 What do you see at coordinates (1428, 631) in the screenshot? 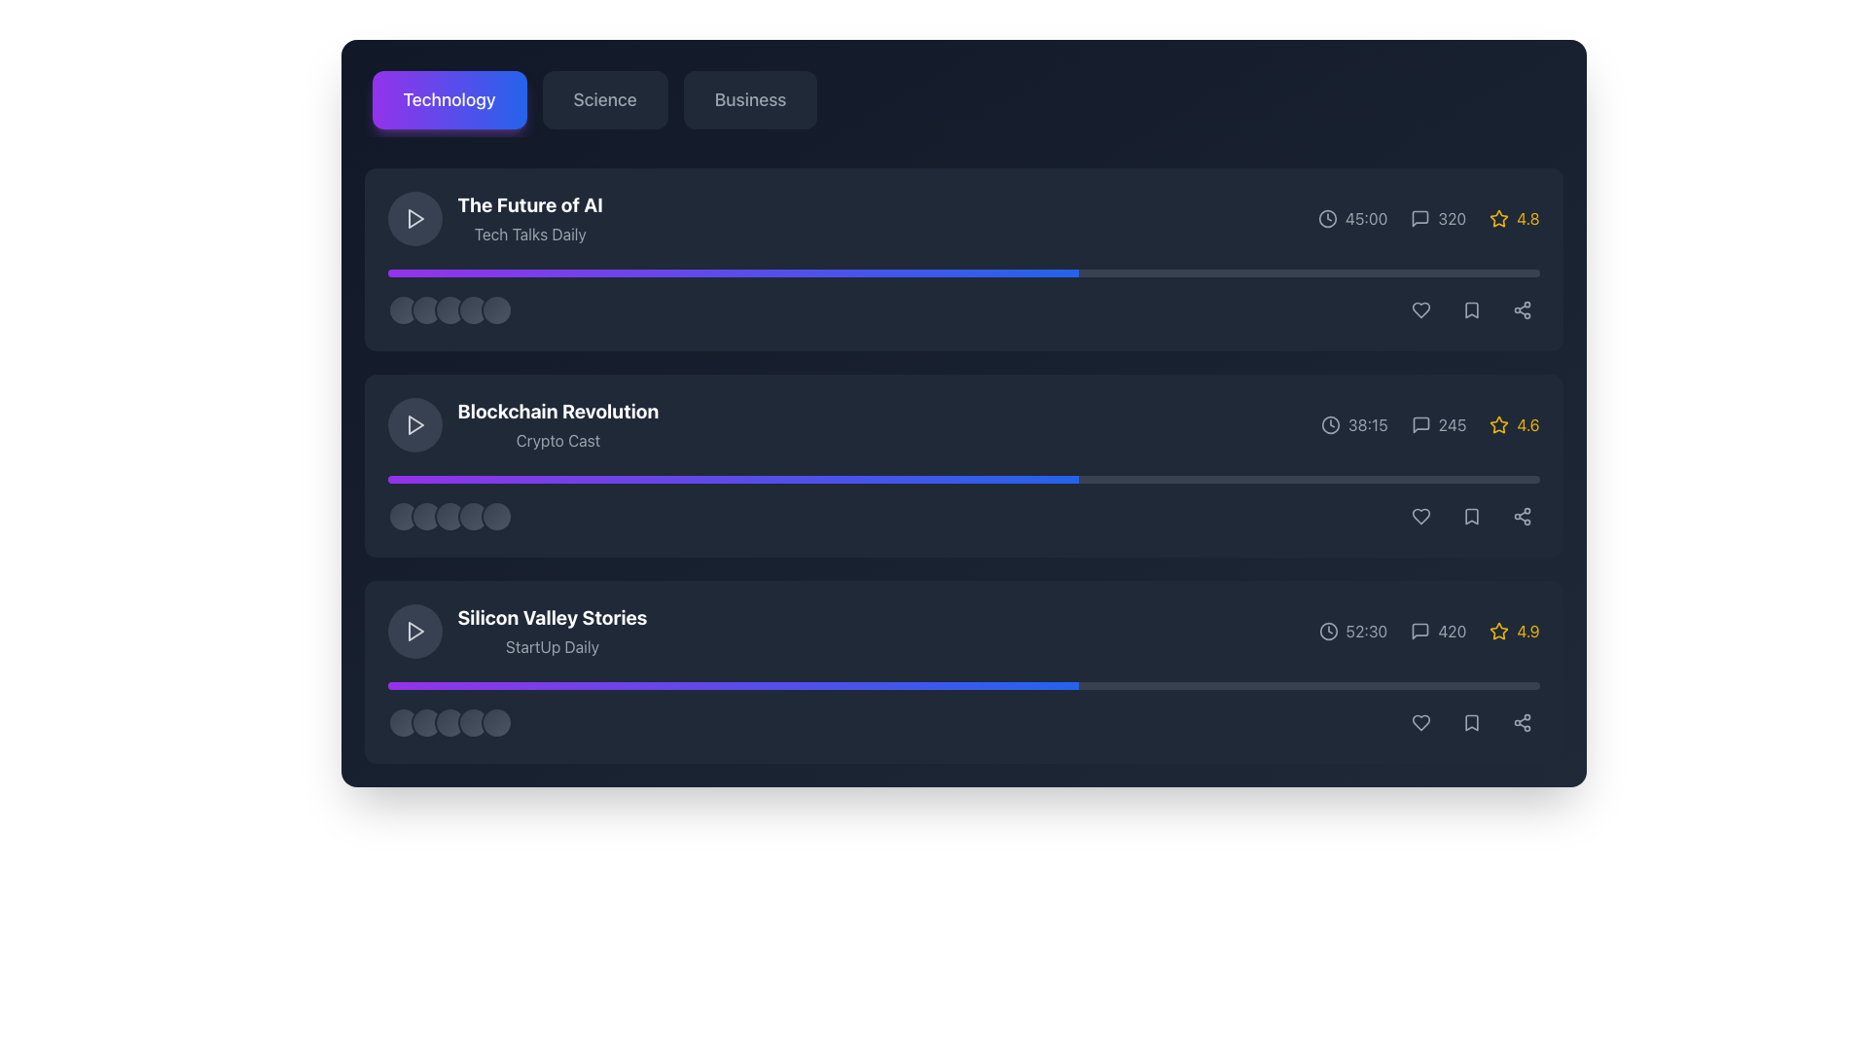
I see `the Information Display Block located in the 'Silicon Valley Stories' section of the Technology category to interact with the individual icons for metadata such as duration, comments, and rating` at bounding box center [1428, 631].